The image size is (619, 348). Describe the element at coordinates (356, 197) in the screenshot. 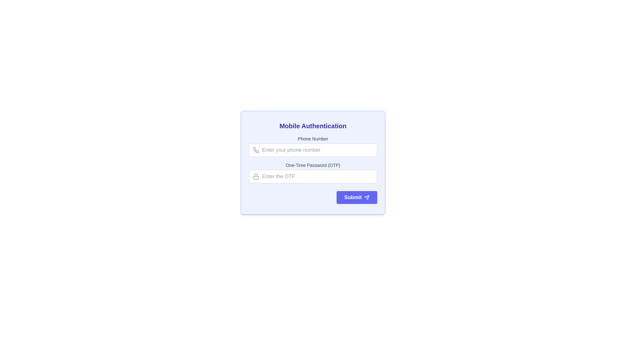

I see `the 'Submit' button located at the bottom-right corner of the mobile authentication layout` at that location.